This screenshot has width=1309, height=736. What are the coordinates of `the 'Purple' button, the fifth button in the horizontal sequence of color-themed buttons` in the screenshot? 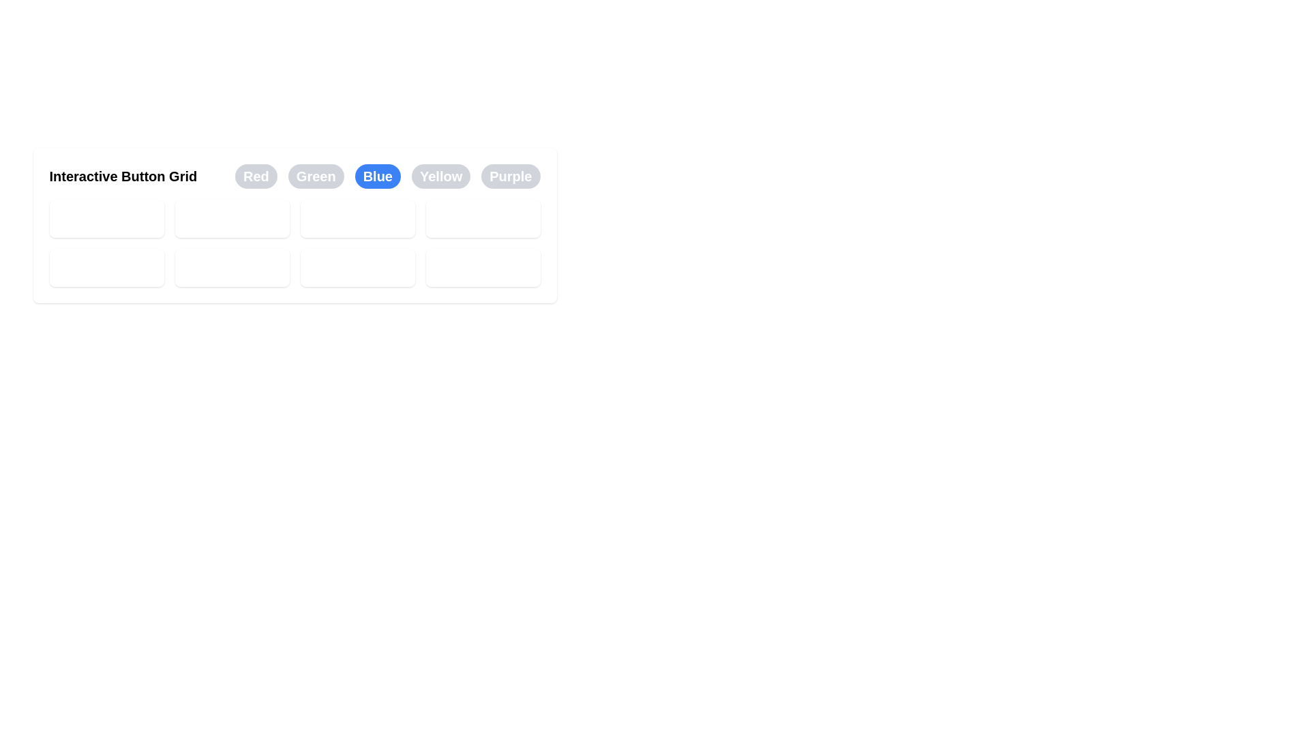 It's located at (510, 175).